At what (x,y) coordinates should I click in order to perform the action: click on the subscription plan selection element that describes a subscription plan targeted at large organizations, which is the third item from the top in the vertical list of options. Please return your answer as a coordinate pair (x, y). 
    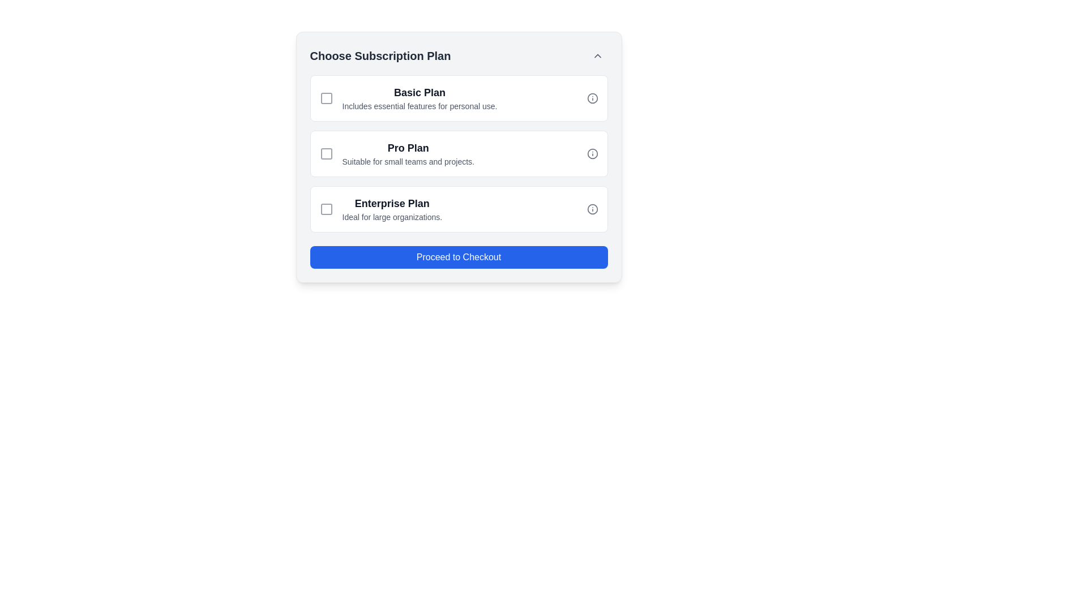
    Looking at the image, I should click on (392, 209).